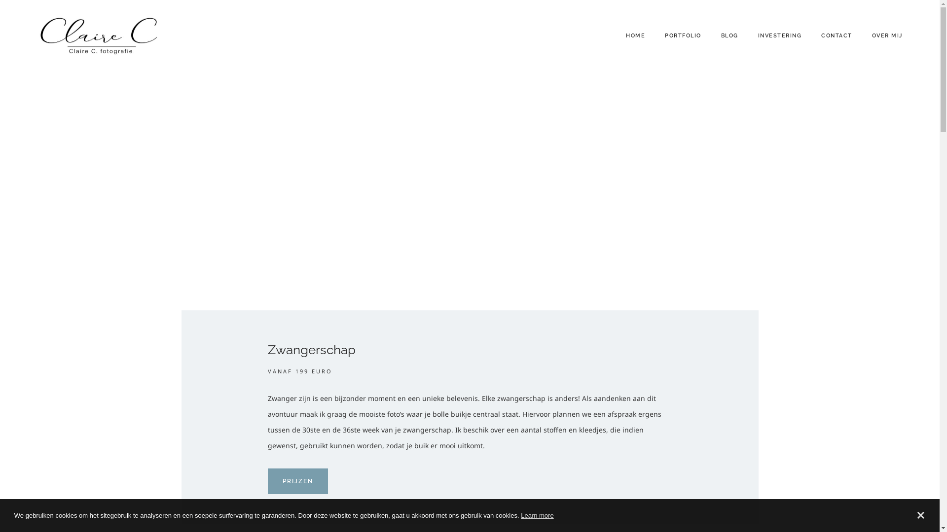 The width and height of the screenshot is (947, 532). Describe the element at coordinates (729, 35) in the screenshot. I see `'BLOG'` at that location.